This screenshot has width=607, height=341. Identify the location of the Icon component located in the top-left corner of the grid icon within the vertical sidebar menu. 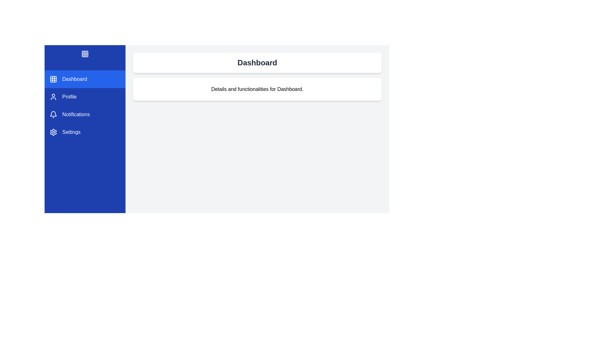
(84, 53).